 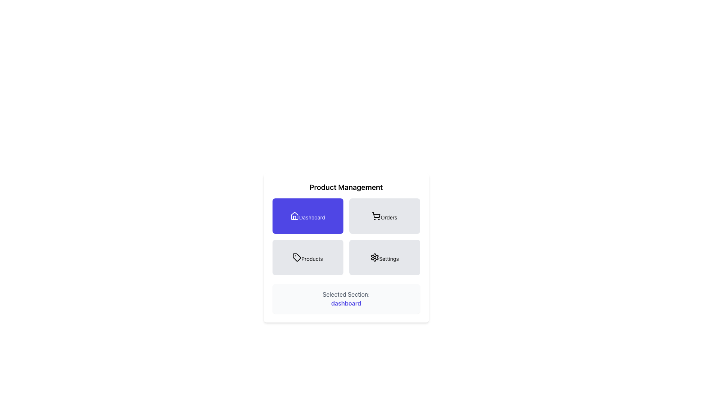 I want to click on the 'Settings' static text located at the bottom-right of its button within a 2x2 grid of buttons, so click(x=388, y=259).